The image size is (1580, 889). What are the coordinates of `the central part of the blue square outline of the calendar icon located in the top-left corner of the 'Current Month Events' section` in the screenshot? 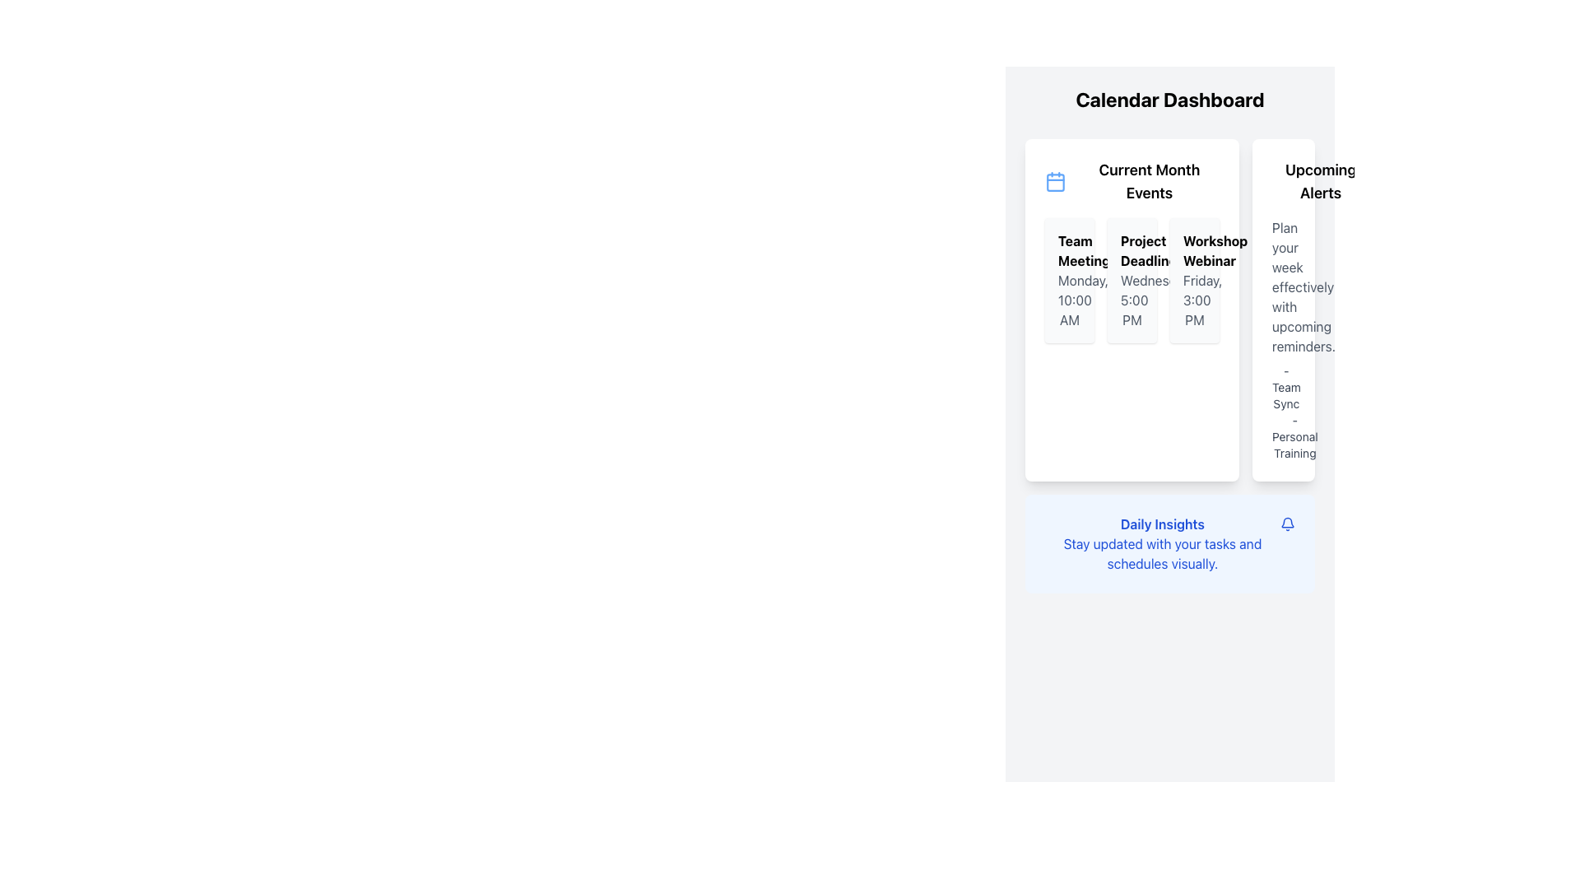 It's located at (1055, 183).